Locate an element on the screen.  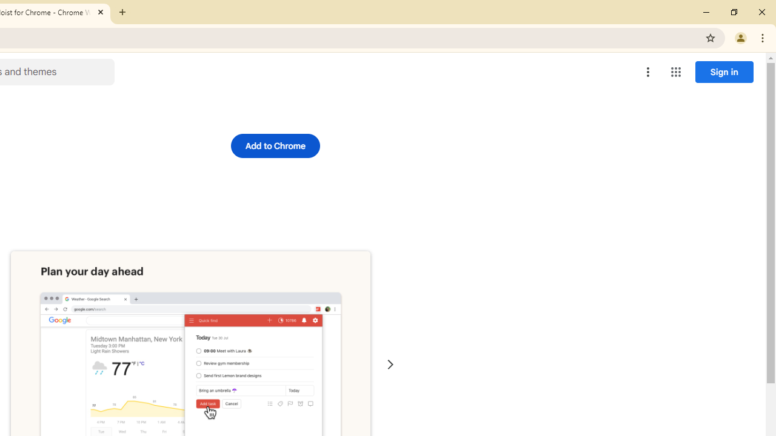
'Next slide' is located at coordinates (390, 364).